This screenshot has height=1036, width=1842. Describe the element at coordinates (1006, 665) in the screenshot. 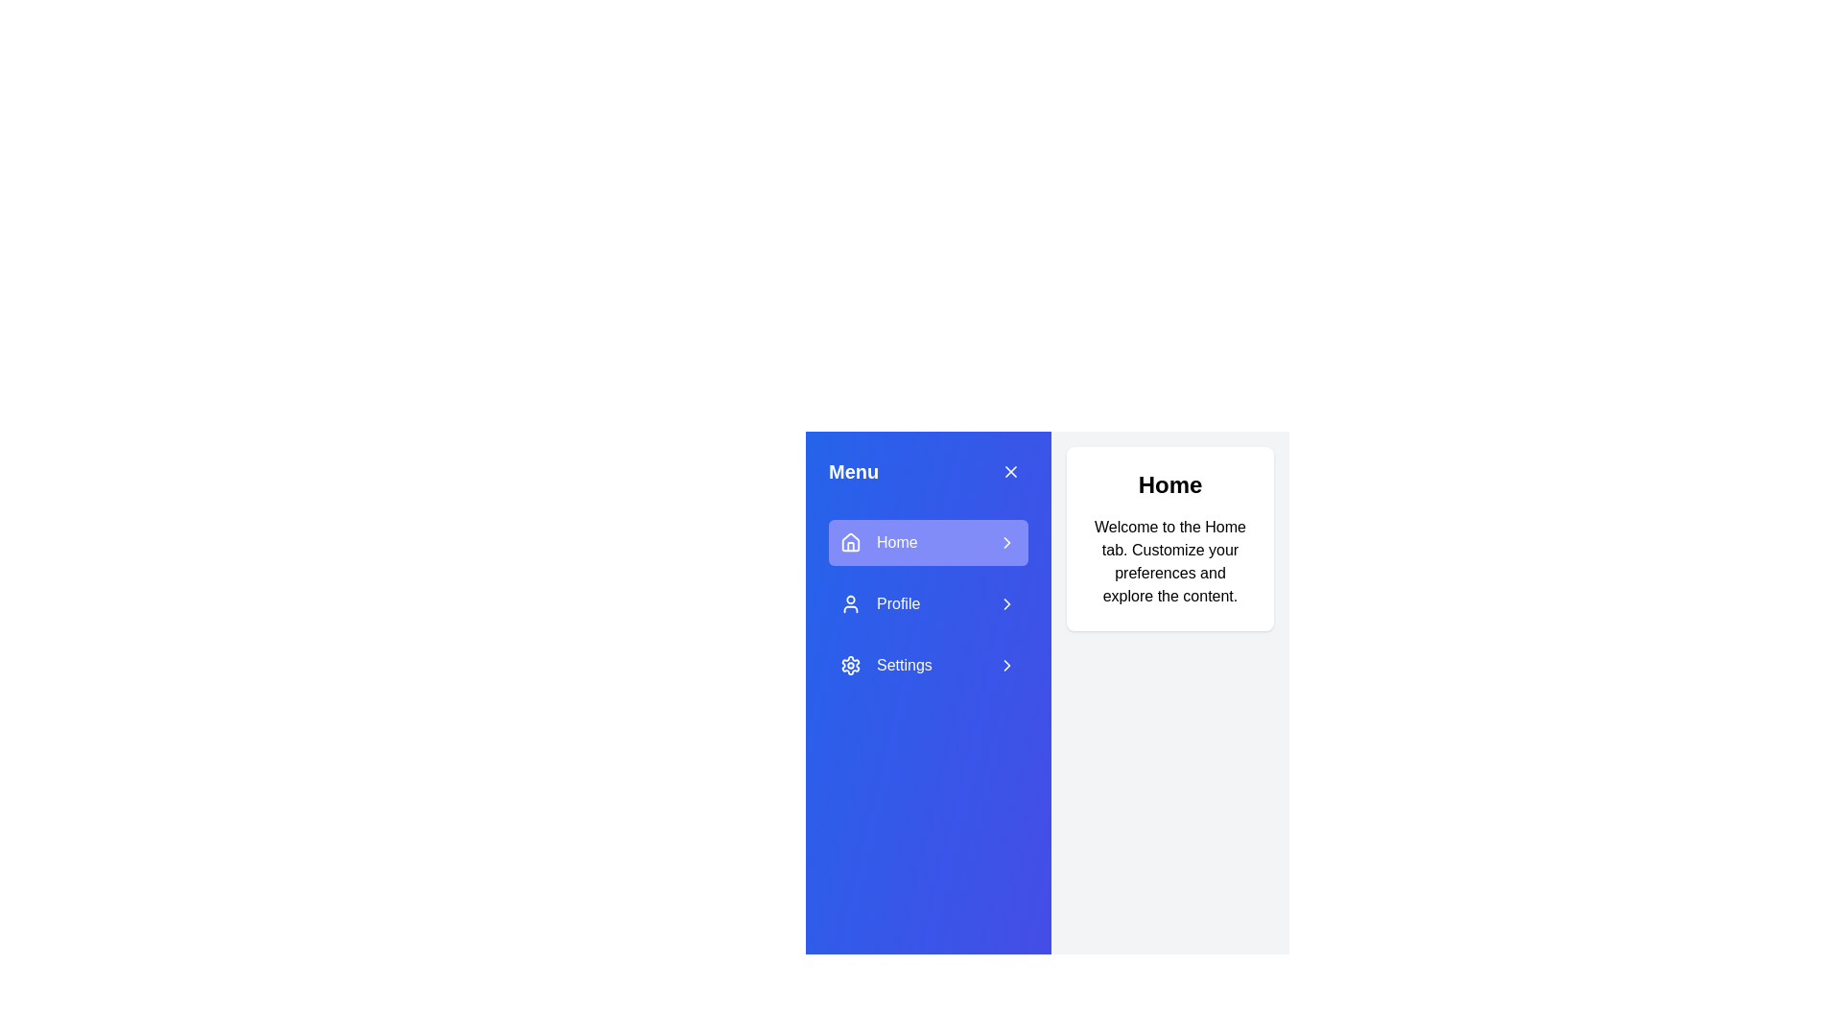

I see `the right-pointing chevron icon located to the far right side of the 'Settings' item in the vertical menu` at that location.